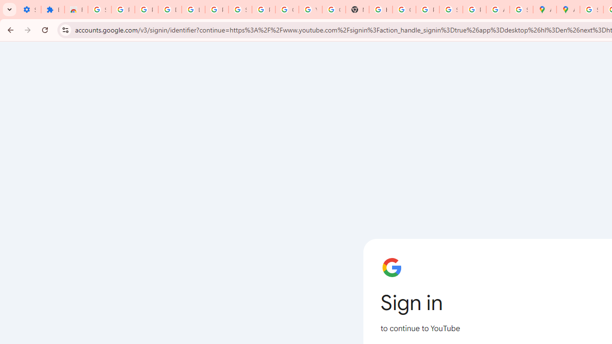 Image resolution: width=612 pixels, height=344 pixels. I want to click on 'Delete photos & videos - Computer - Google Photos Help', so click(170, 10).